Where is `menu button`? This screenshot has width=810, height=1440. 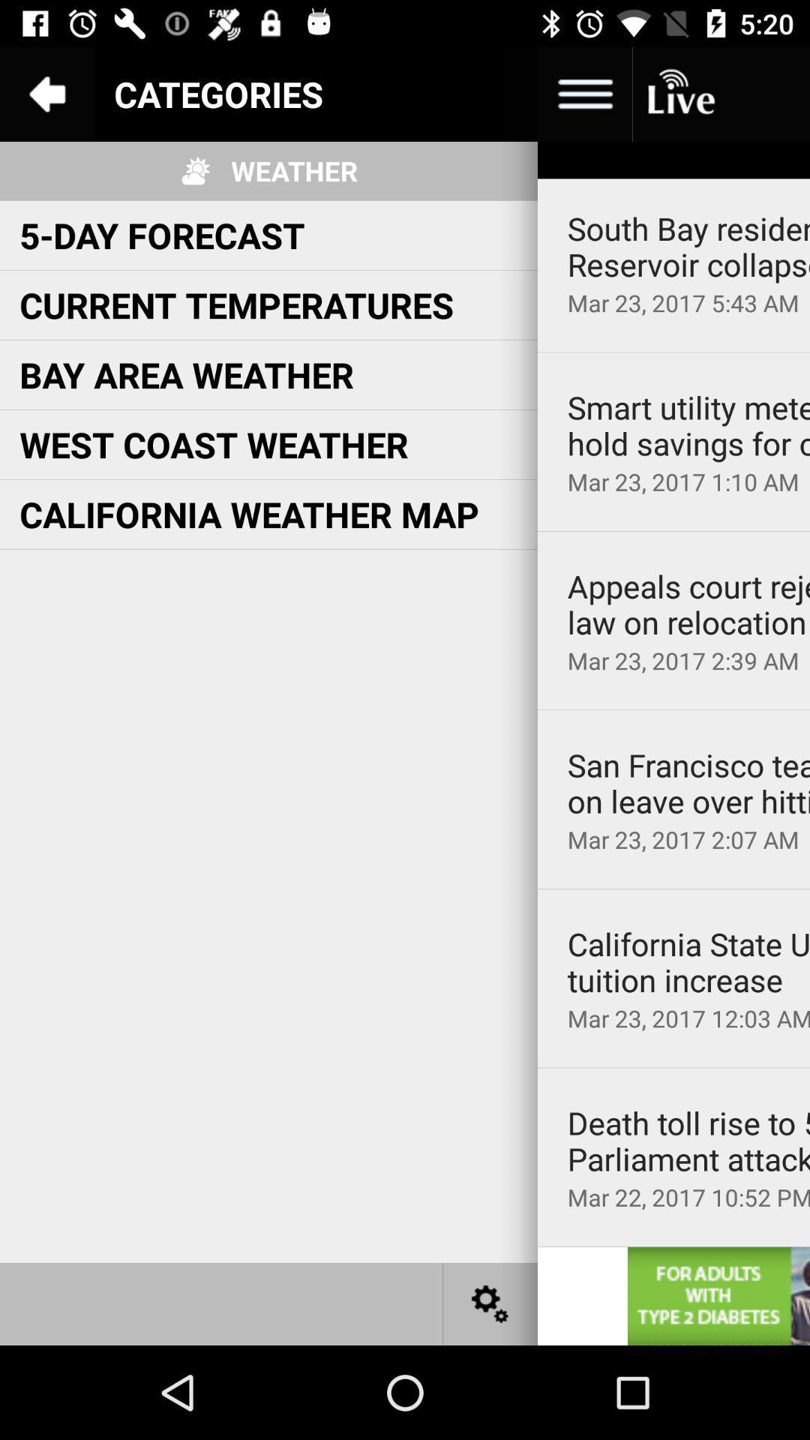
menu button is located at coordinates (490, 93).